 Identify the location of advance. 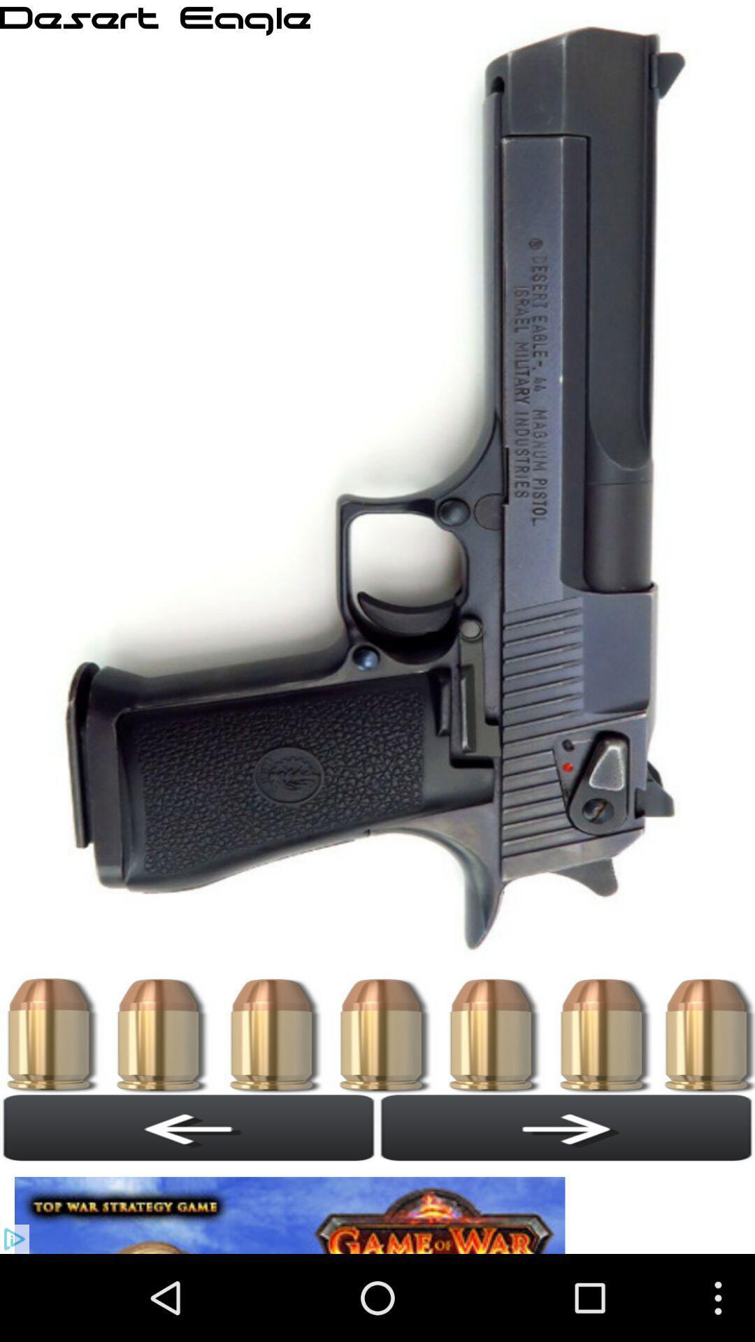
(566, 1127).